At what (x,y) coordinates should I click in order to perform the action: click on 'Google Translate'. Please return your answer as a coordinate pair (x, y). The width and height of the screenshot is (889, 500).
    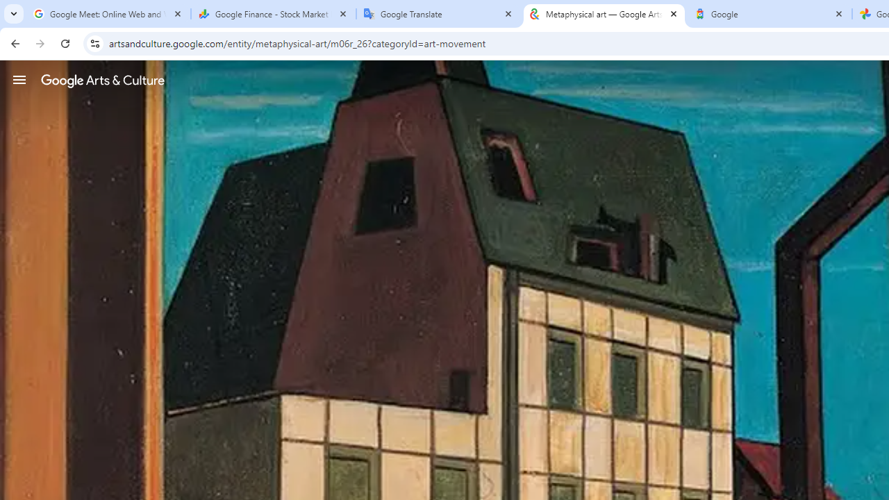
    Looking at the image, I should click on (438, 14).